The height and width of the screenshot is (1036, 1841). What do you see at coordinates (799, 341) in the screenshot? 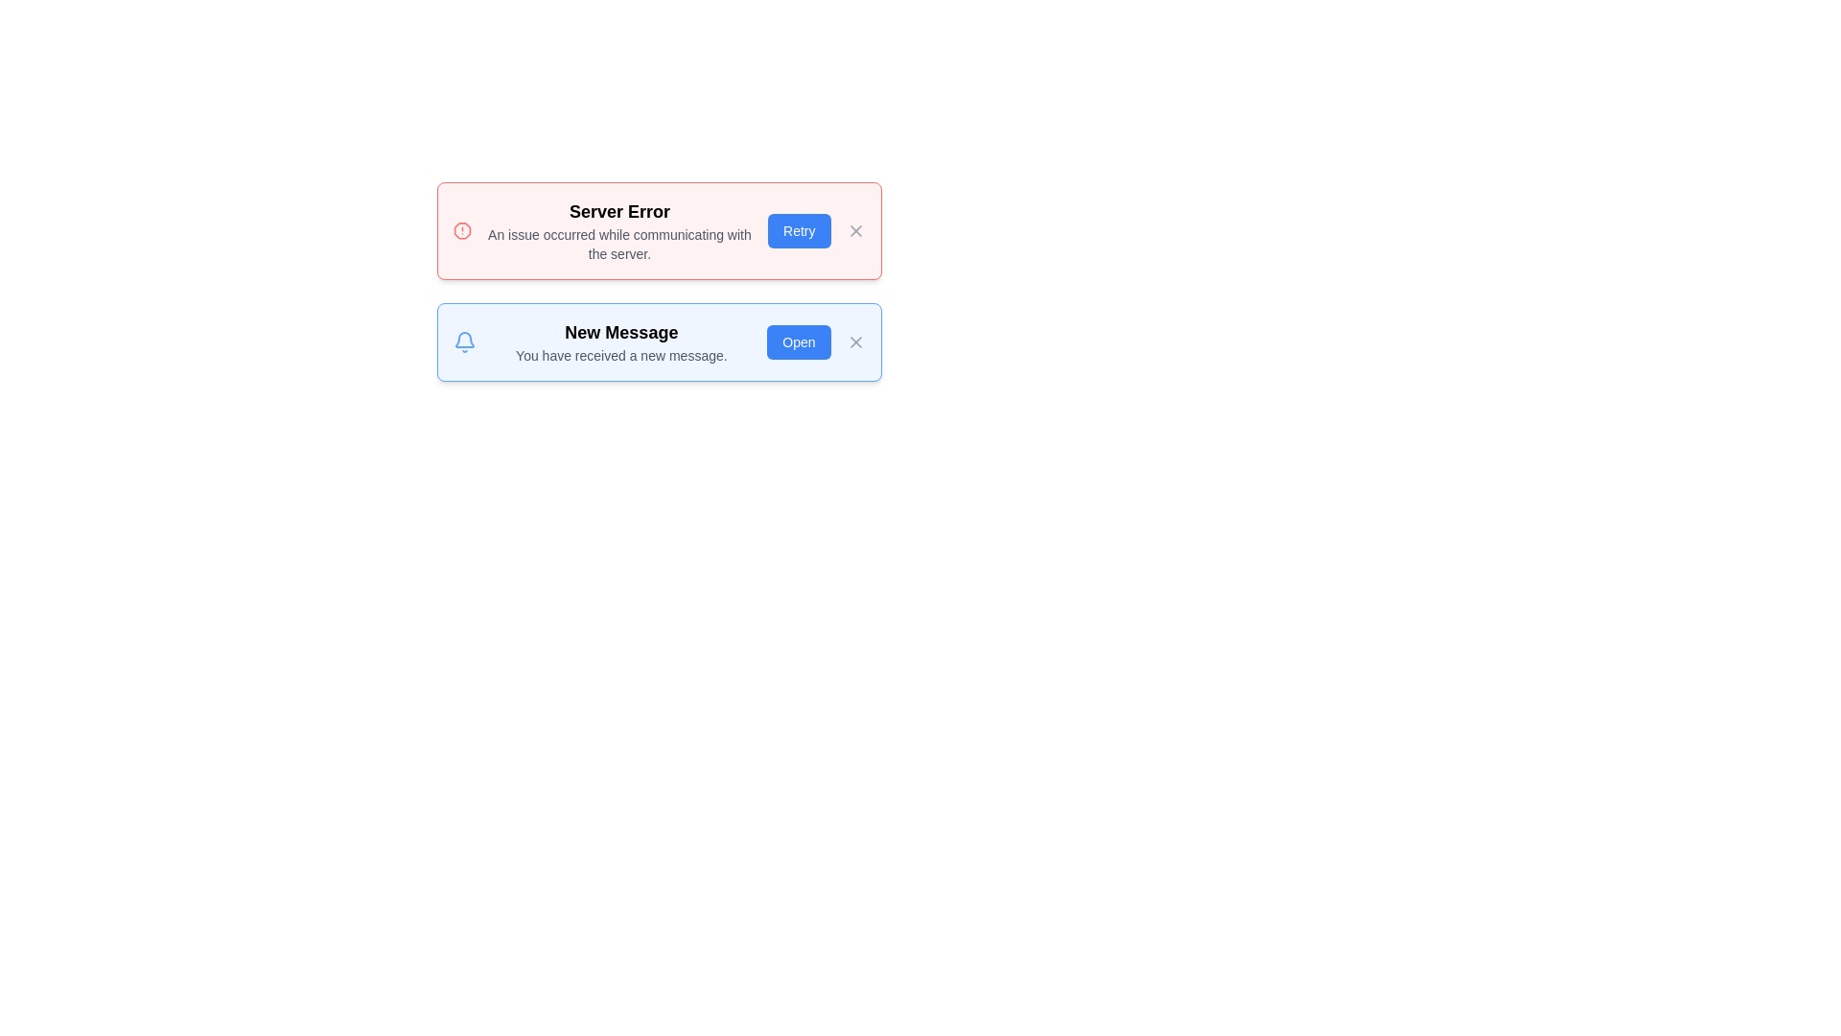
I see `the 'Open' button within the 'New Message' notification card for keyboard interaction` at bounding box center [799, 341].